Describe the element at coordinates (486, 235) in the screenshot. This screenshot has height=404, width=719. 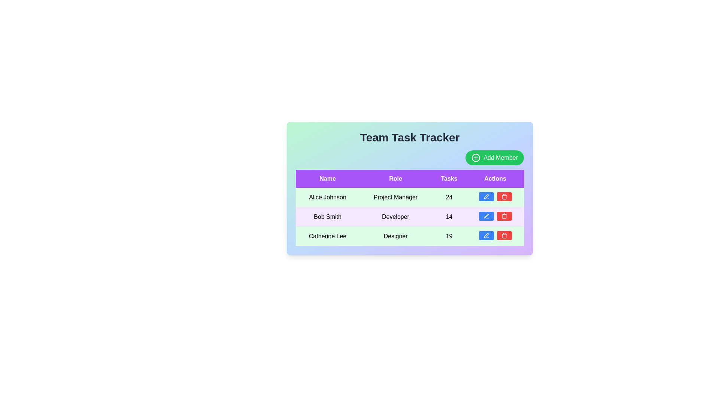
I see `the edit button for the team member identified by Catherine Lee` at that location.